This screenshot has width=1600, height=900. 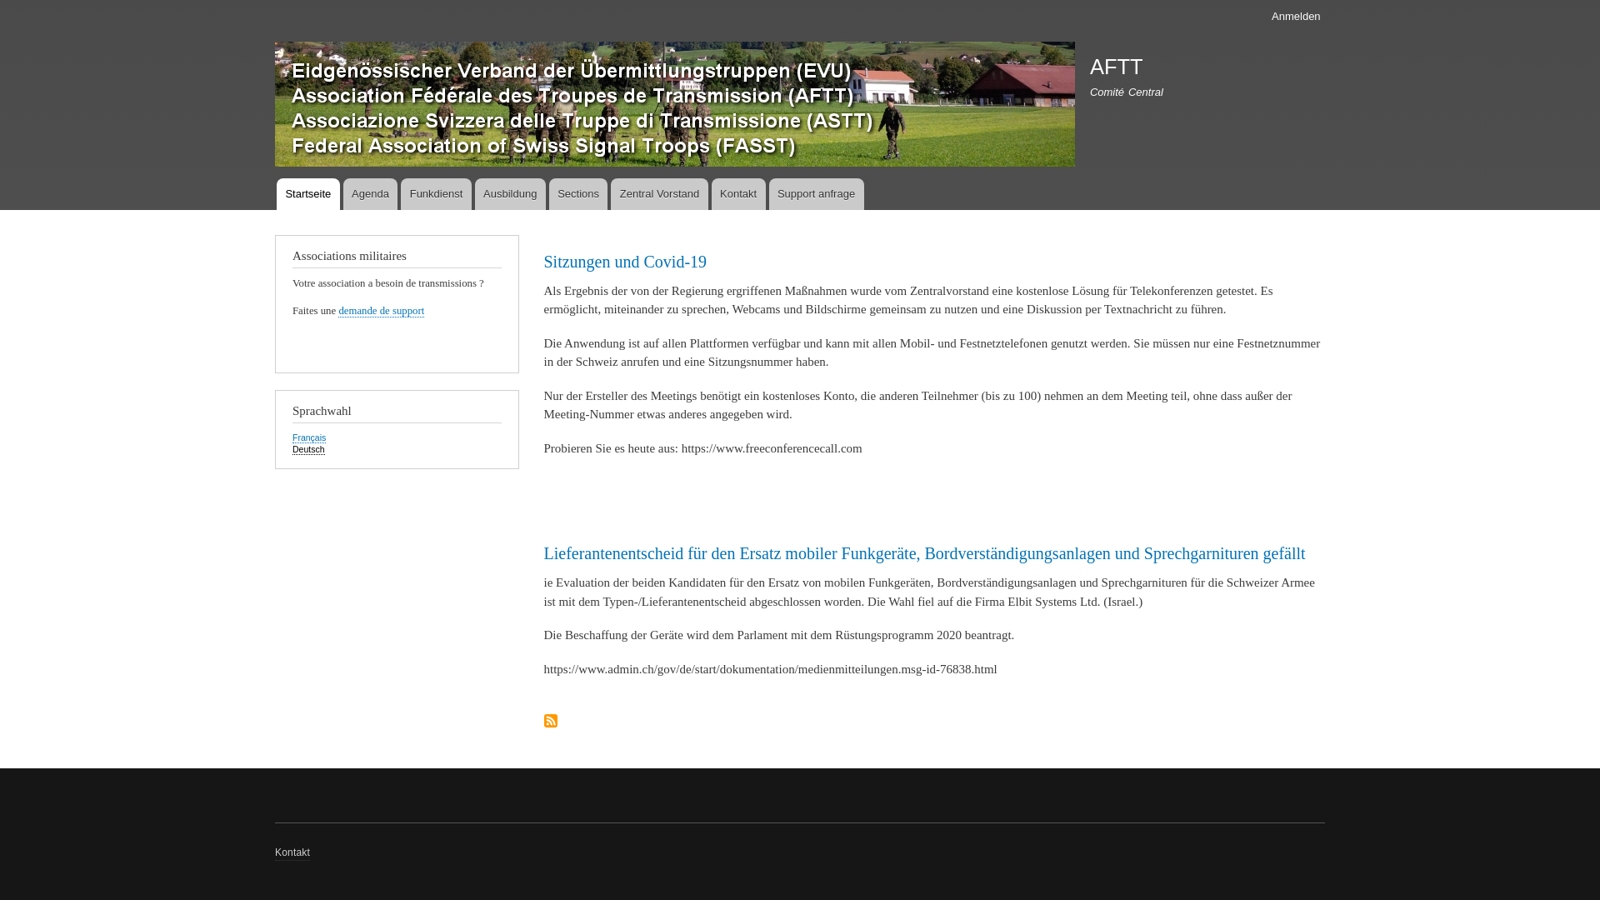 What do you see at coordinates (543, 261) in the screenshot?
I see `'Sitzungen und Covid-19'` at bounding box center [543, 261].